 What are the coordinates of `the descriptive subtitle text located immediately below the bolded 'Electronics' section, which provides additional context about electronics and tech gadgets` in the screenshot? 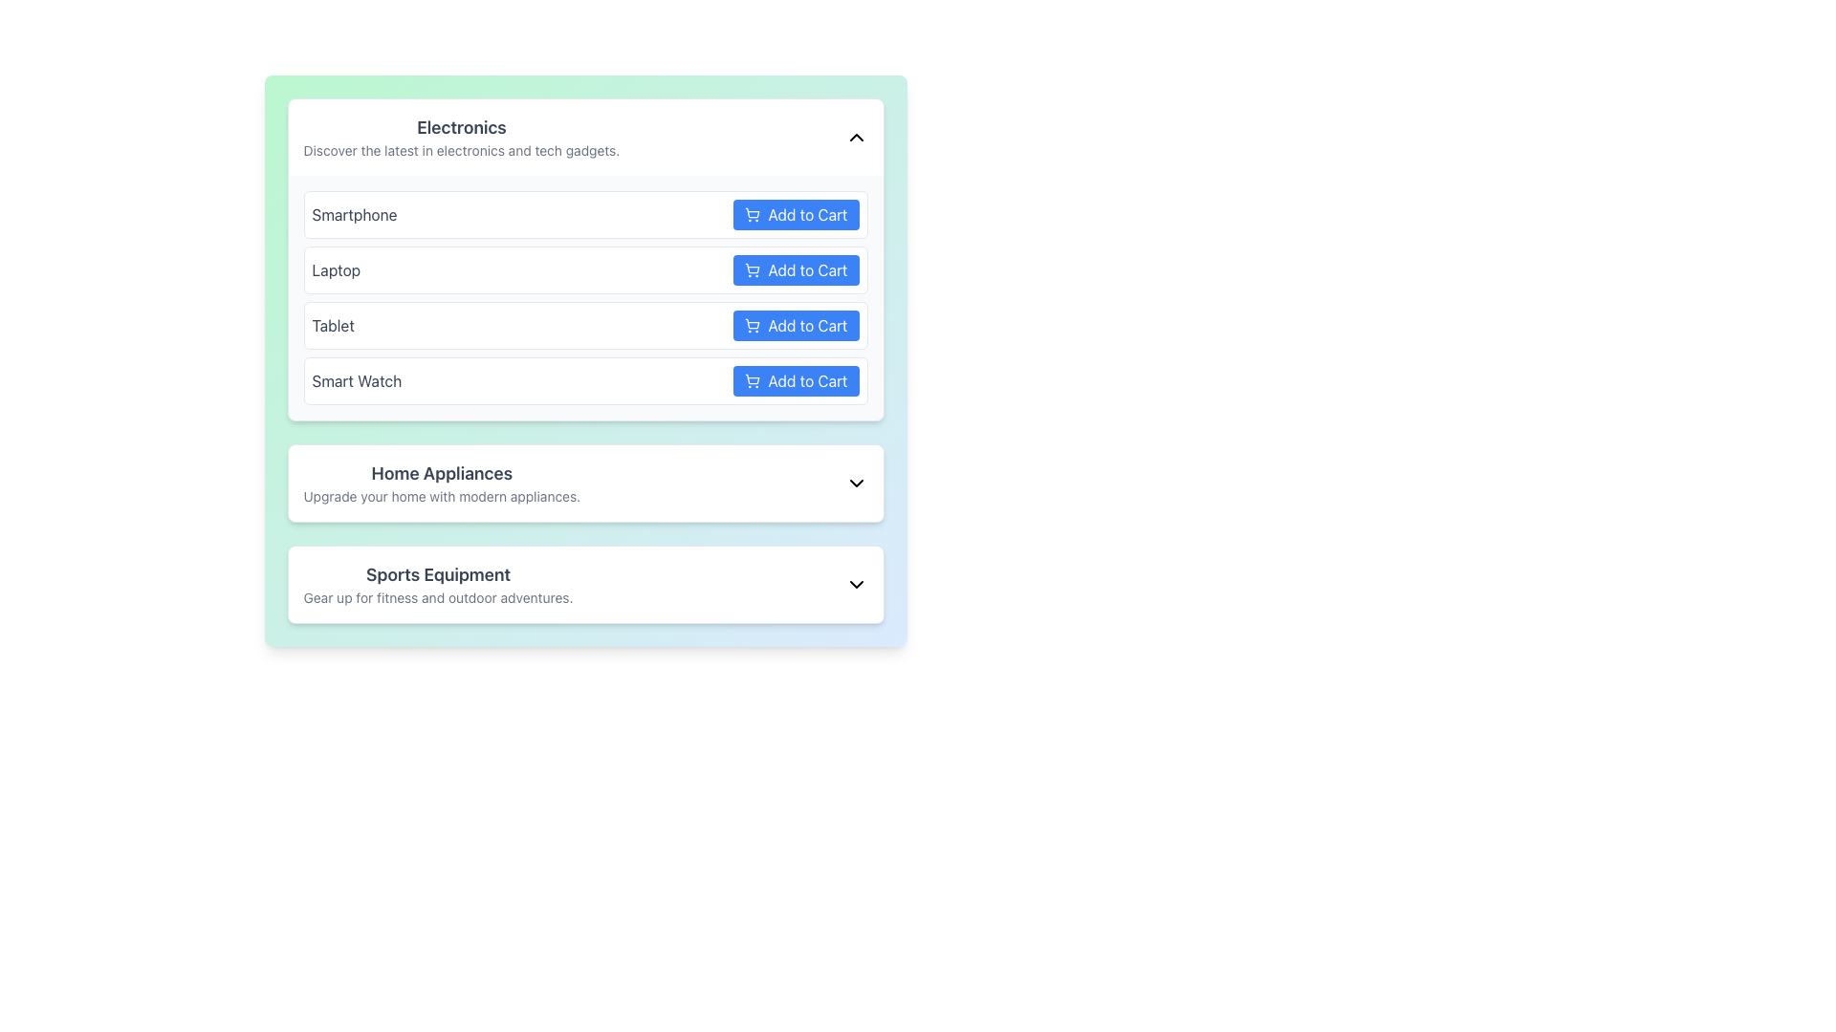 It's located at (461, 150).